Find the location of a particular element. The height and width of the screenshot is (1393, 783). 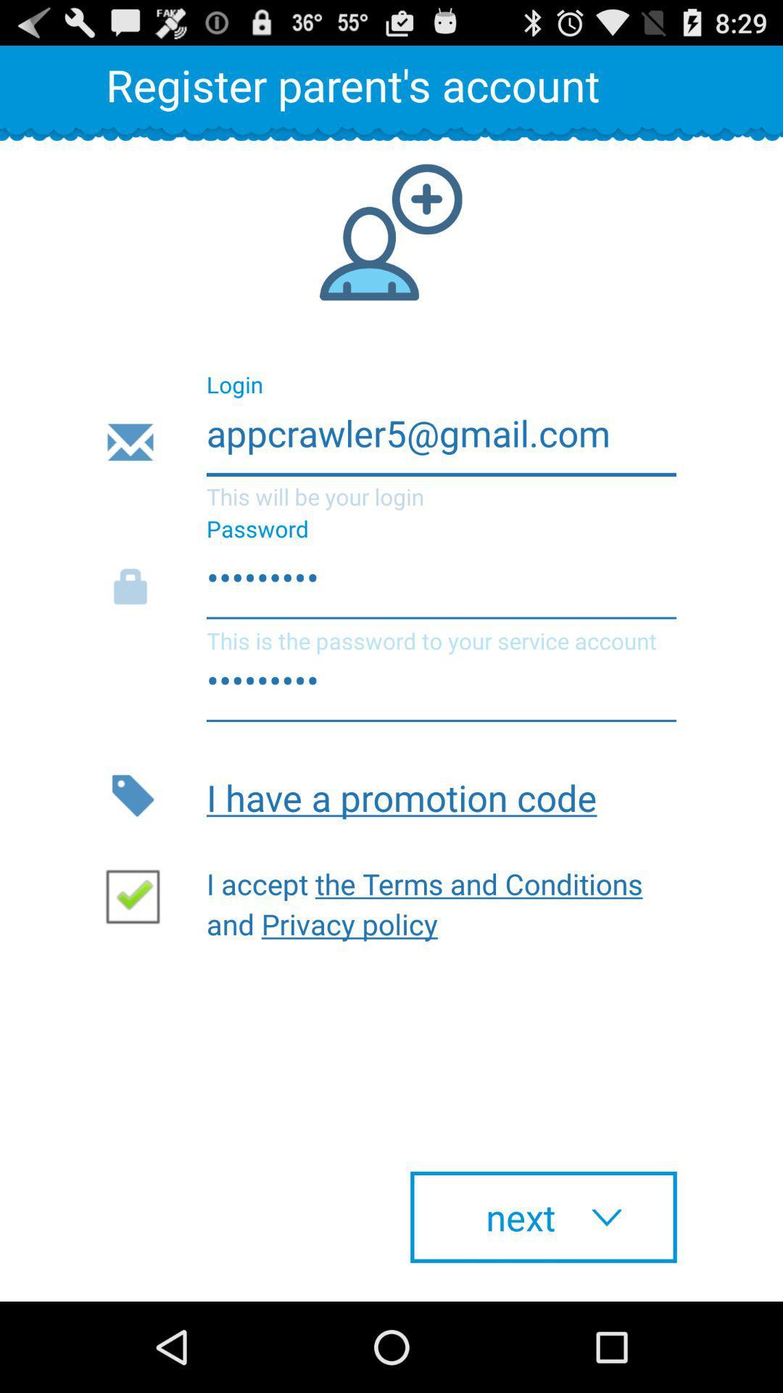

the item next to i accept the app is located at coordinates (138, 895).